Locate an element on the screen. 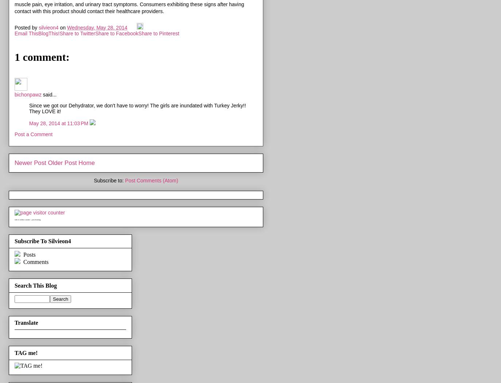 This screenshot has height=383, width=501. 'silvieon4' is located at coordinates (48, 27).